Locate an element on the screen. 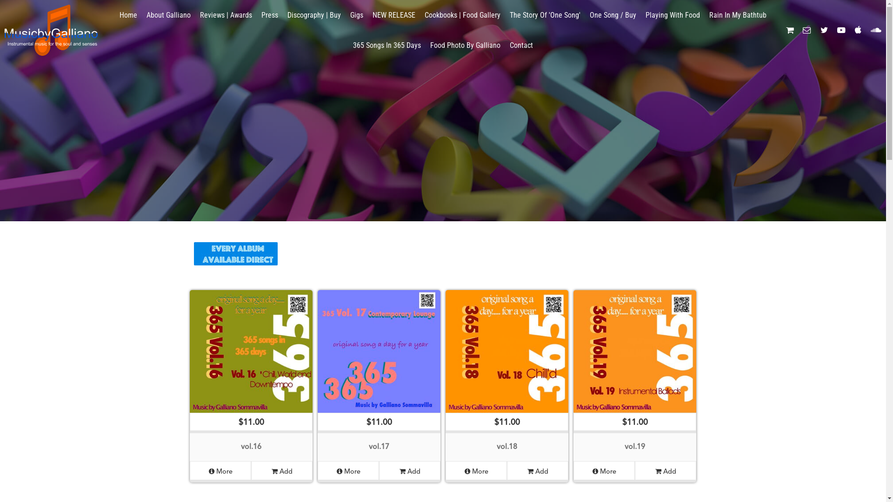 Image resolution: width=893 pixels, height=502 pixels. '$11.00' is located at coordinates (189, 361).